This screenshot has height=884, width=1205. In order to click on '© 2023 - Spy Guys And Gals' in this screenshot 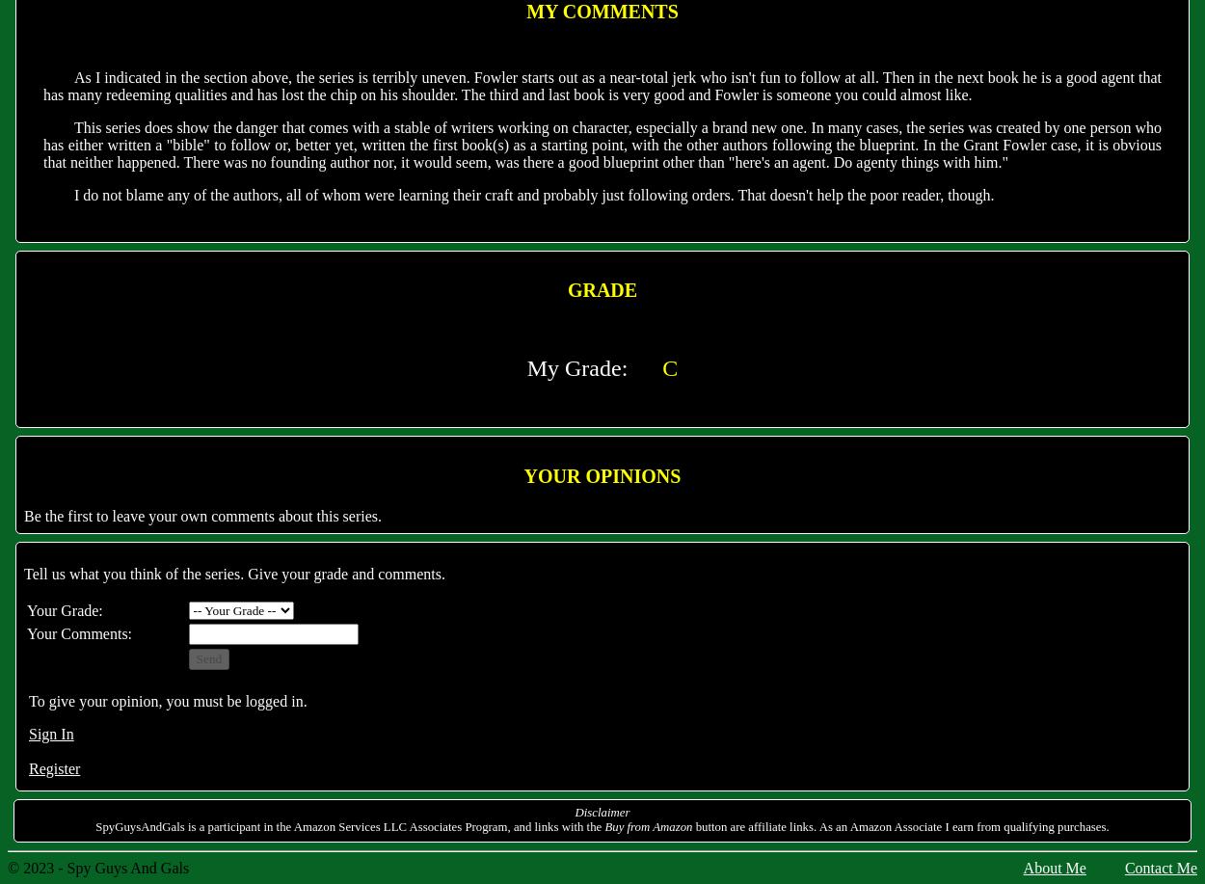, I will do `click(8, 866)`.